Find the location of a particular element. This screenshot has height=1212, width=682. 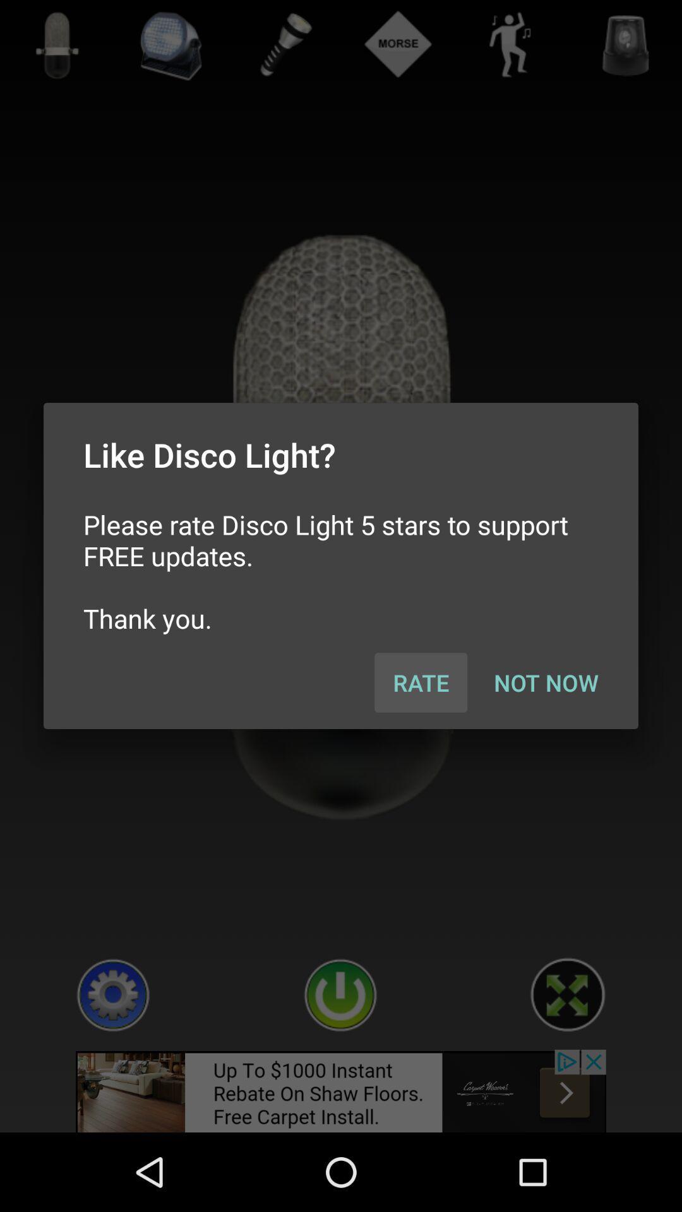

the avatar icon is located at coordinates (170, 45).